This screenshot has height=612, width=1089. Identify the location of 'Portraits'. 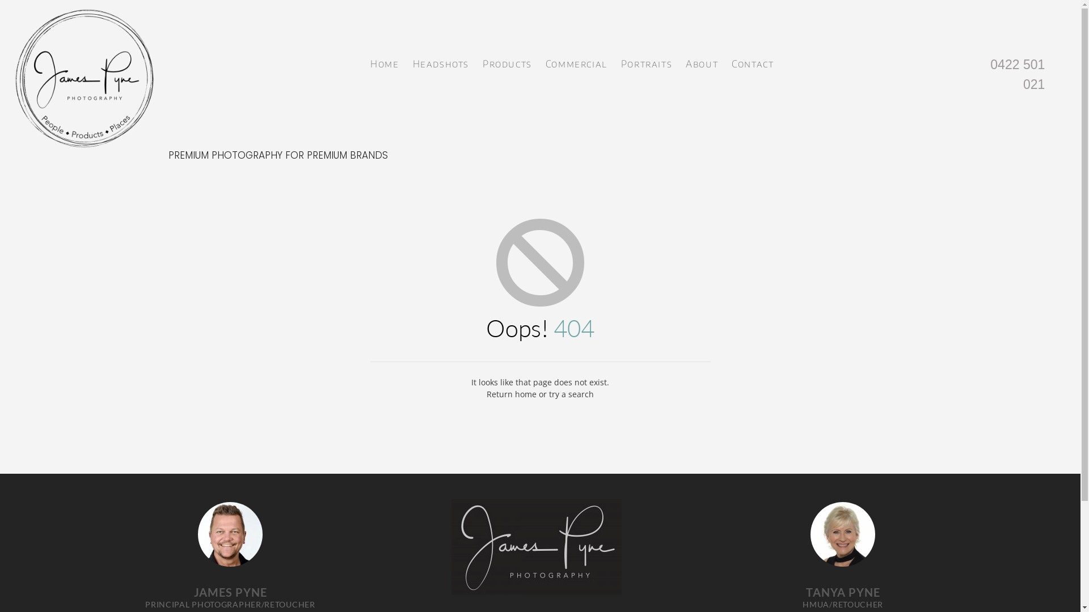
(647, 61).